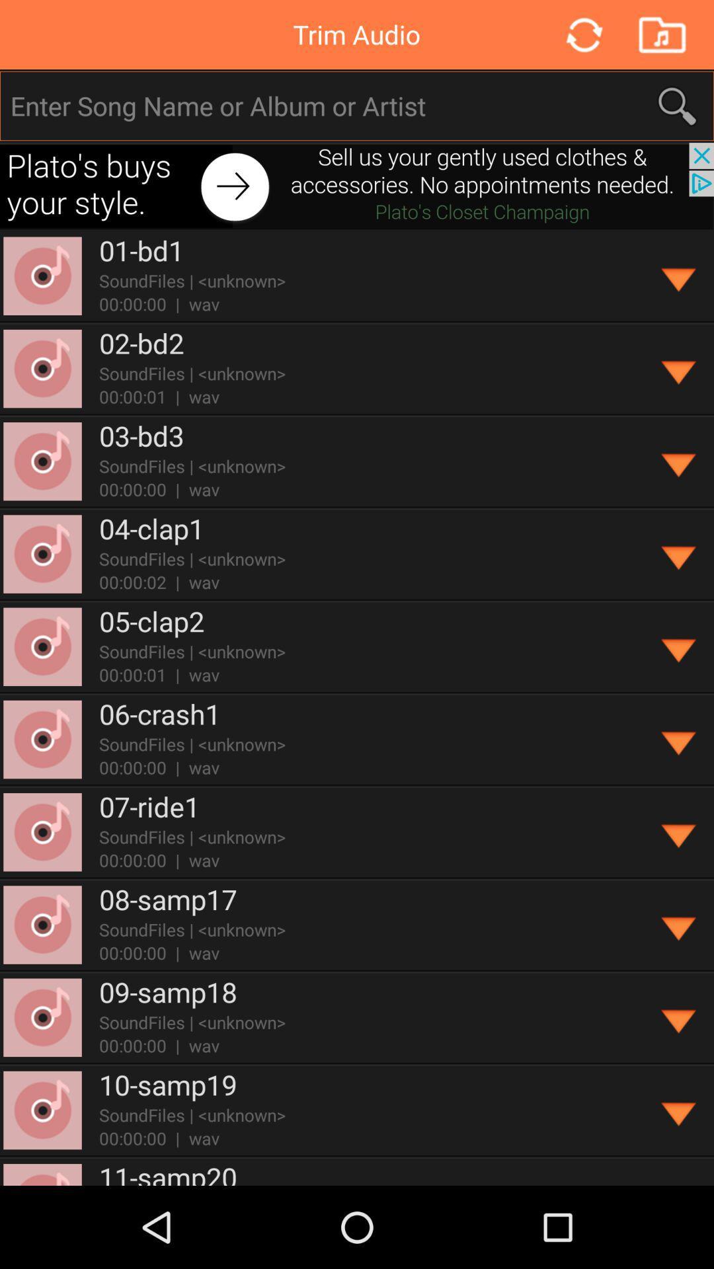 Image resolution: width=714 pixels, height=1269 pixels. I want to click on show file information, so click(679, 1110).